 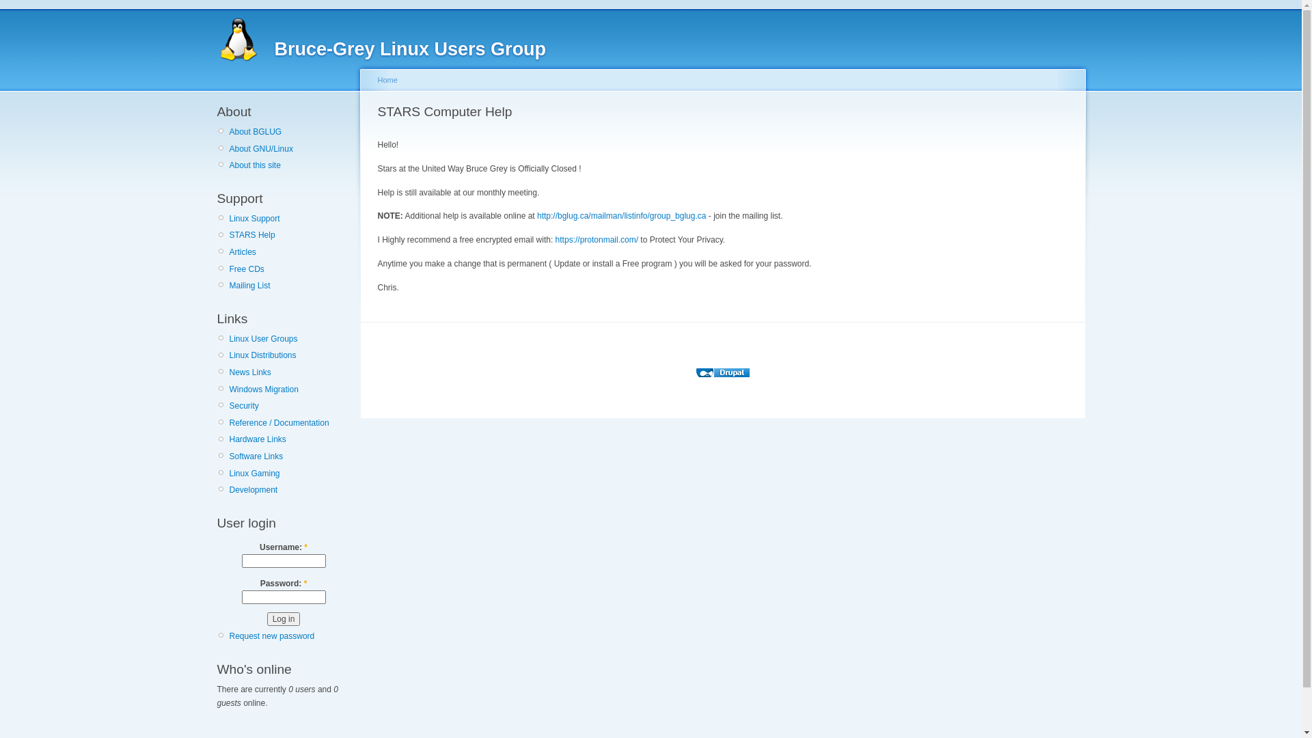 I want to click on 'Security', so click(x=289, y=405).